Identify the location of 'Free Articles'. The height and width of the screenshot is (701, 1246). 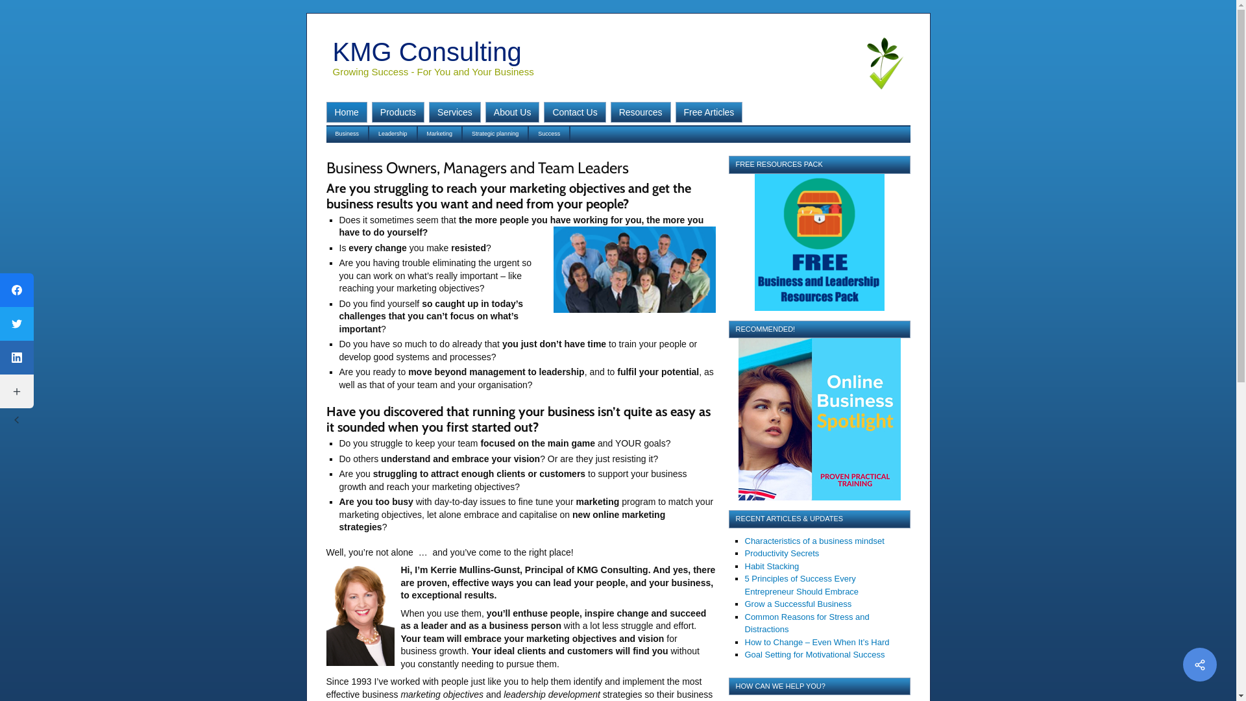
(709, 112).